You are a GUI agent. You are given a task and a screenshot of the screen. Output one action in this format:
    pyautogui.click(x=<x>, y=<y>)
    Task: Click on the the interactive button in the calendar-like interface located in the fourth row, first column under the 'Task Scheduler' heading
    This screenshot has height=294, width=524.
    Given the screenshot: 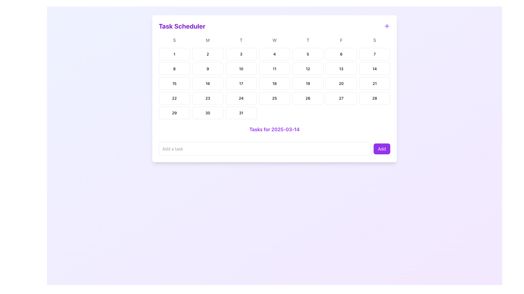 What is the action you would take?
    pyautogui.click(x=174, y=98)
    